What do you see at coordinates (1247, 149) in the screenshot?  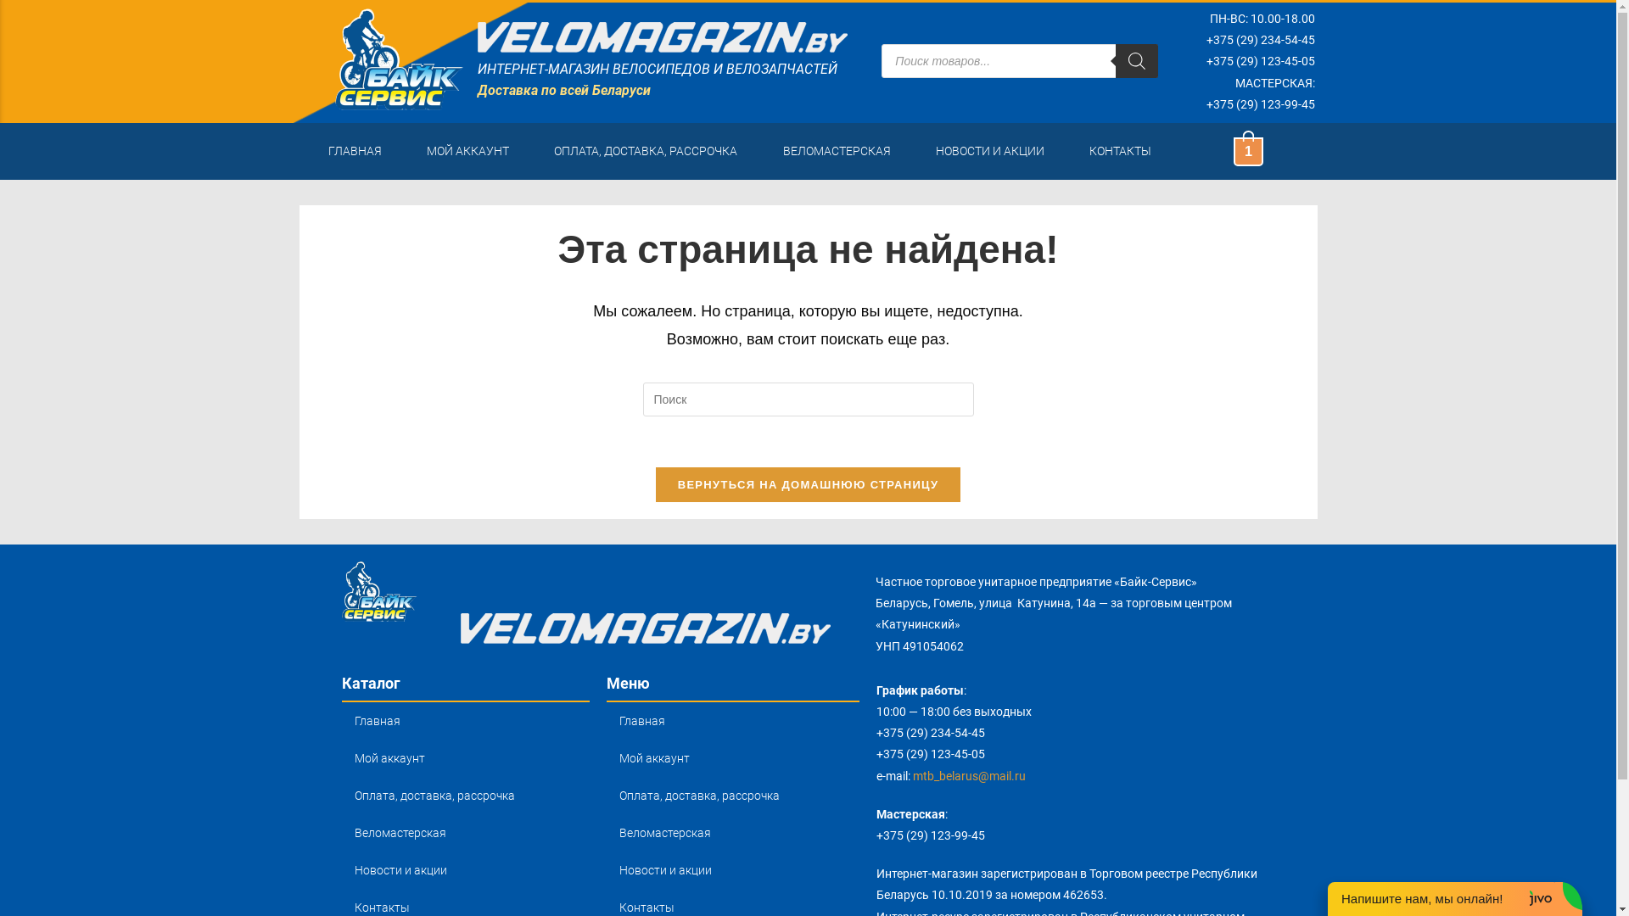 I see `'1'` at bounding box center [1247, 149].